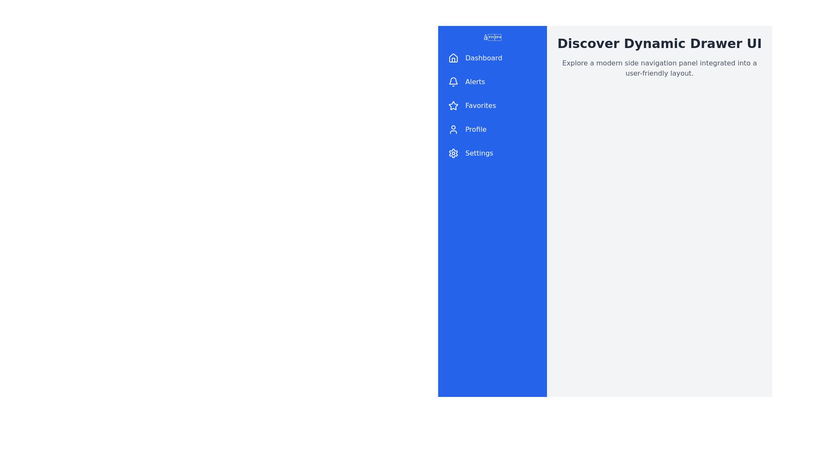 Image resolution: width=816 pixels, height=459 pixels. I want to click on the 'Alerts' text element located in the blue sidebar, which serves as a navigation link, so click(475, 82).